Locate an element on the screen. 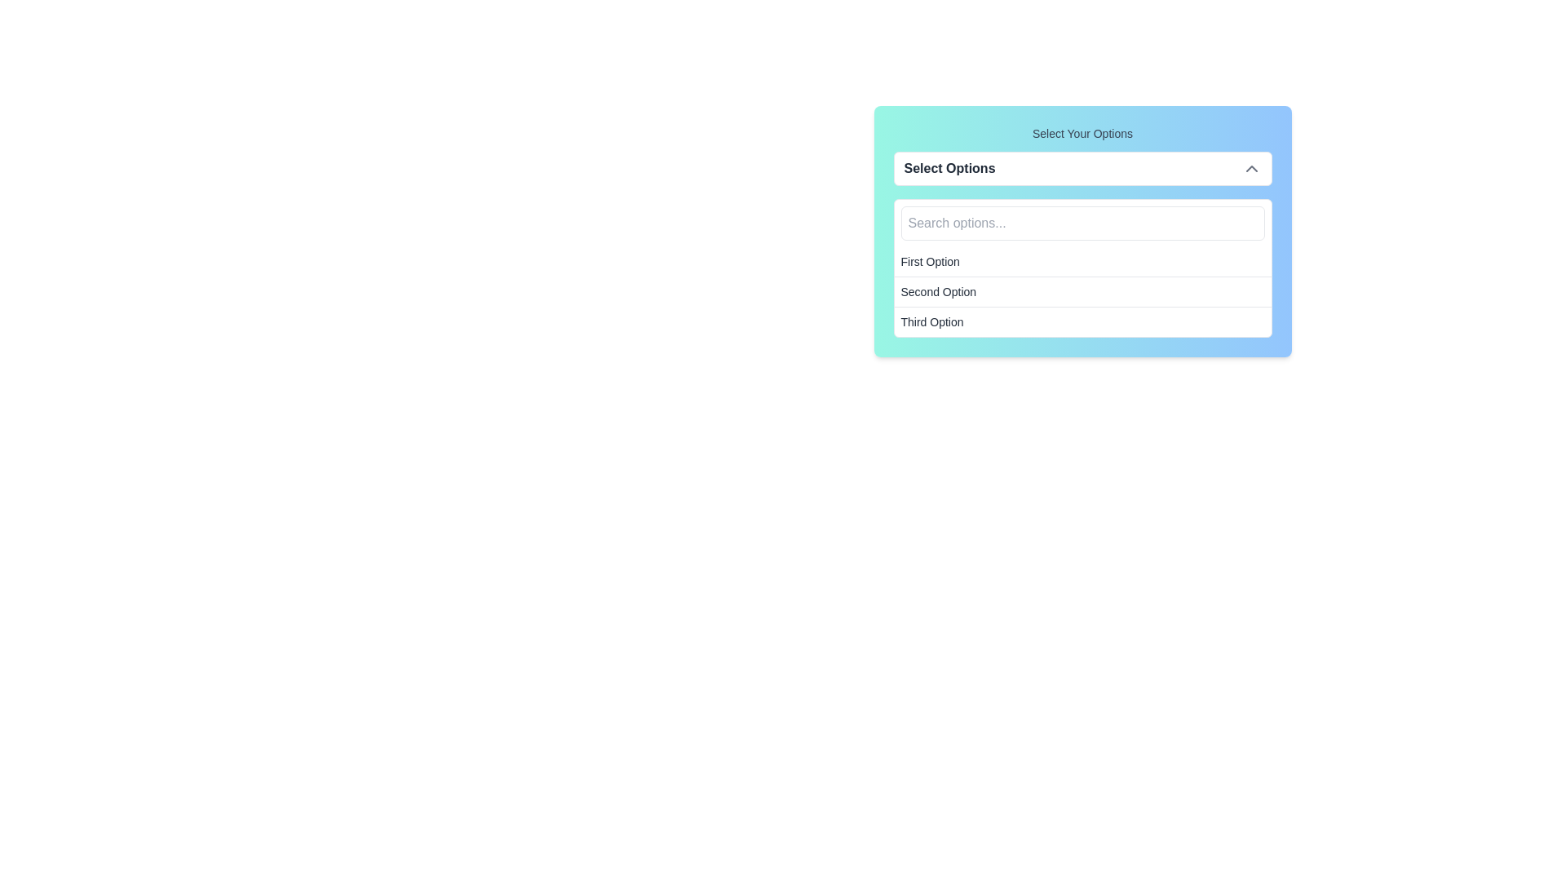  the selectable list item representing 'Third Option' is located at coordinates (1082, 321).